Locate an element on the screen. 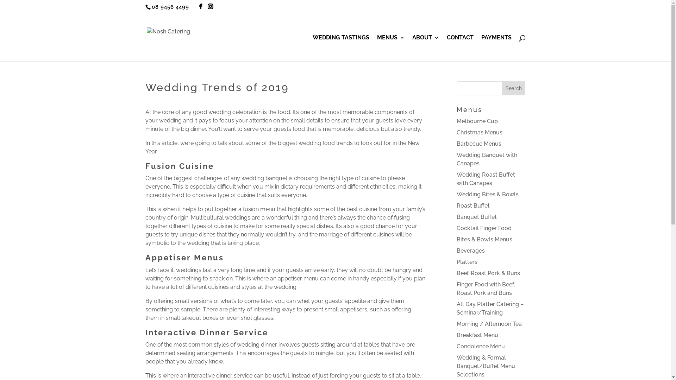  'Beverages' is located at coordinates (471, 250).